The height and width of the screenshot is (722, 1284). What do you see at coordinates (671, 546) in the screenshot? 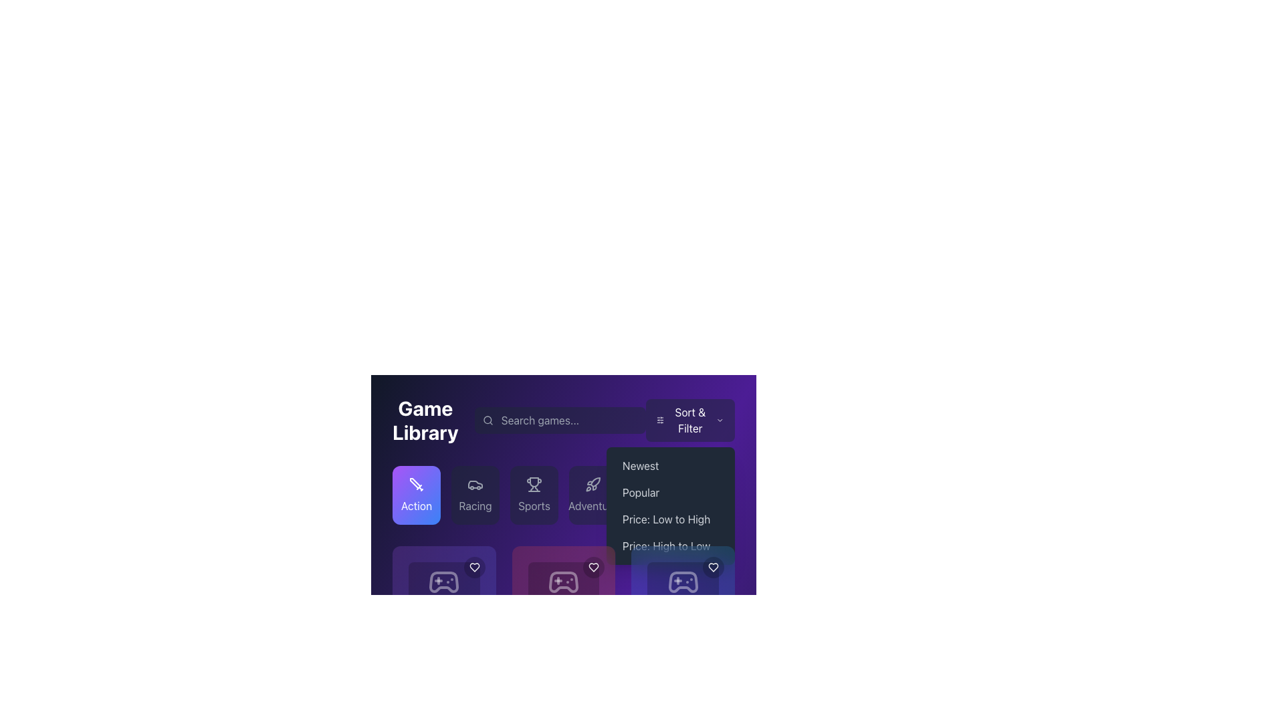
I see `the 'Price: High to Low' option in the dropdown menu` at bounding box center [671, 546].